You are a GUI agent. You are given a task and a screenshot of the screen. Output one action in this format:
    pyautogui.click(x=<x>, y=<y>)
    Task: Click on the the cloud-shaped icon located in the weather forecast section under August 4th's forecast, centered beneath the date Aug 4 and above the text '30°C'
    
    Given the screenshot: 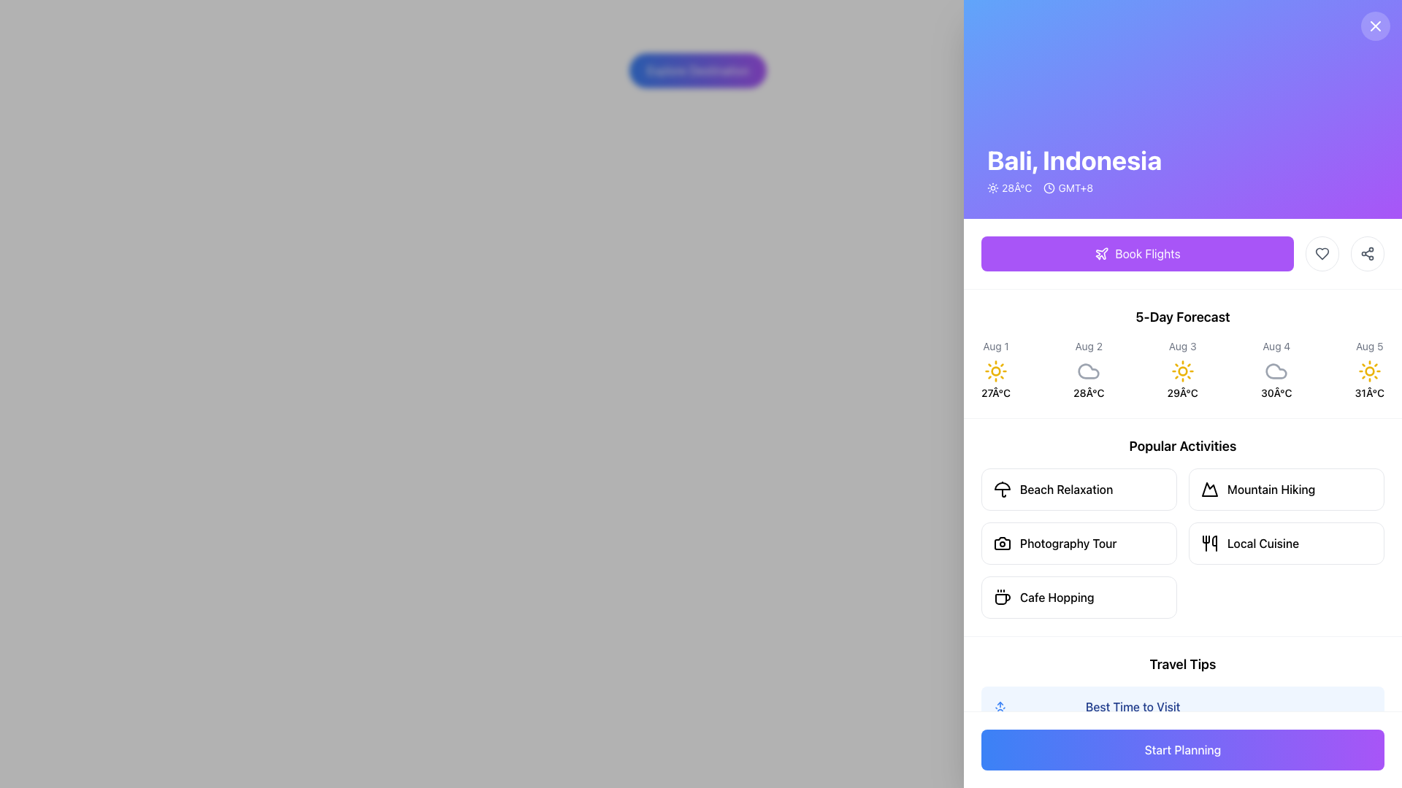 What is the action you would take?
    pyautogui.click(x=1276, y=371)
    